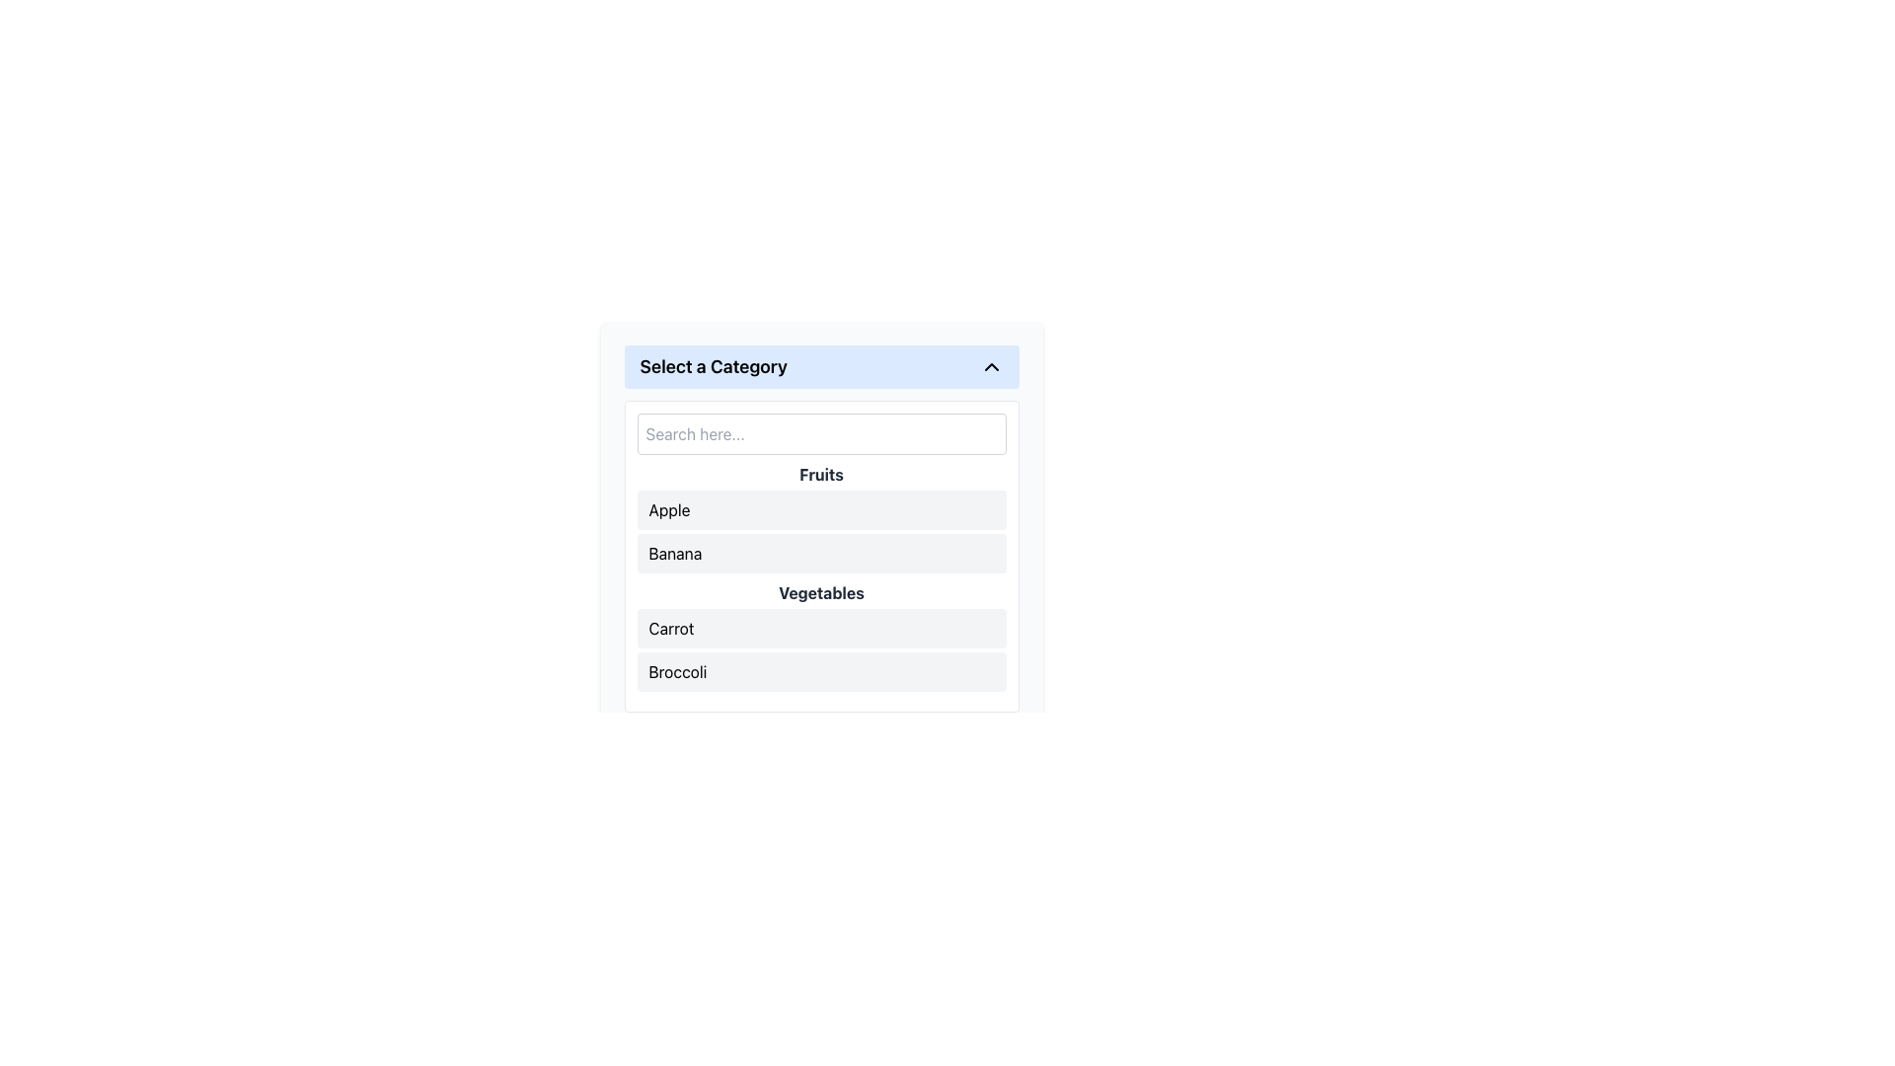 This screenshot has height=1066, width=1895. What do you see at coordinates (821, 636) in the screenshot?
I see `the first list item labeled 'Carrot' under the 'Vegetables' category` at bounding box center [821, 636].